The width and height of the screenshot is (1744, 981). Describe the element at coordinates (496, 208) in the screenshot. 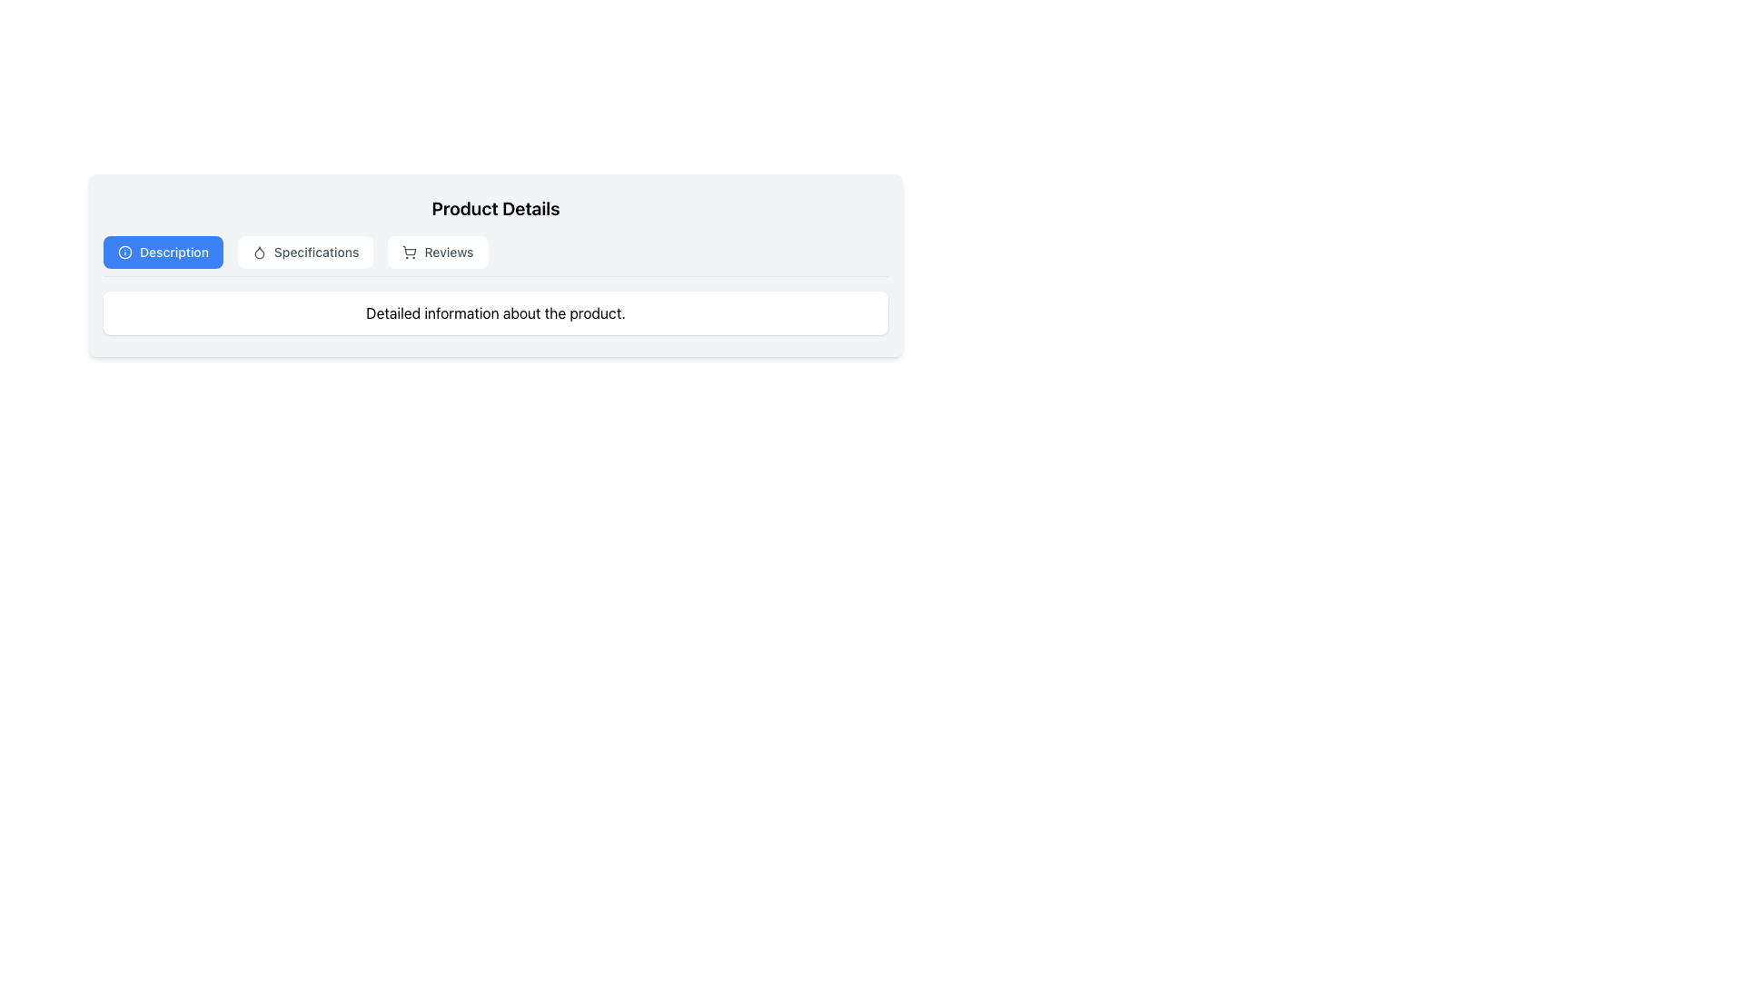

I see `header element with the text 'Product Details', which is a bold header styled in an extra-large font and located at the top of the section with a light gray background` at that location.